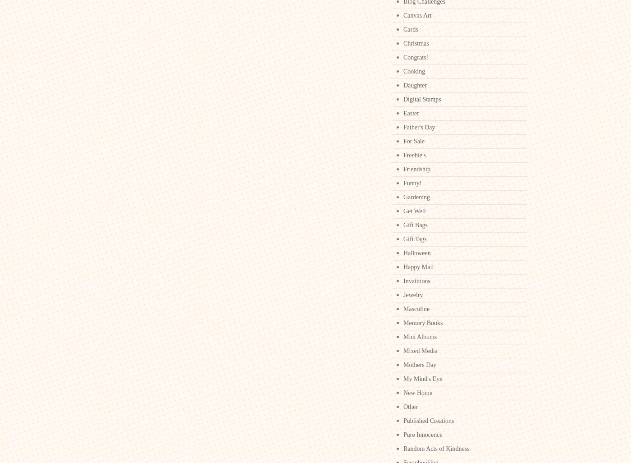 The image size is (631, 463). What do you see at coordinates (420, 350) in the screenshot?
I see `'Mixed Media'` at bounding box center [420, 350].